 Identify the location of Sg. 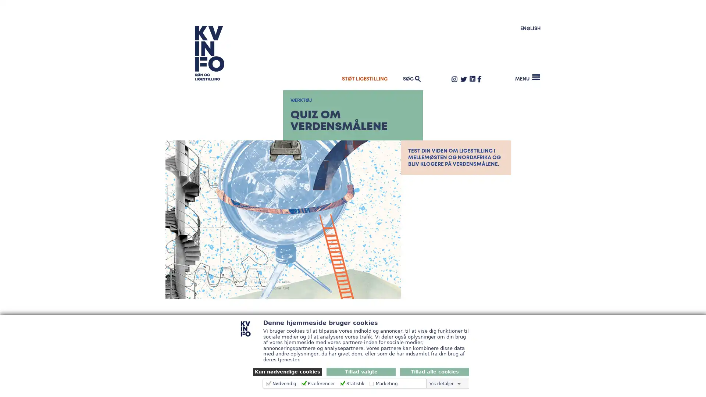
(525, 69).